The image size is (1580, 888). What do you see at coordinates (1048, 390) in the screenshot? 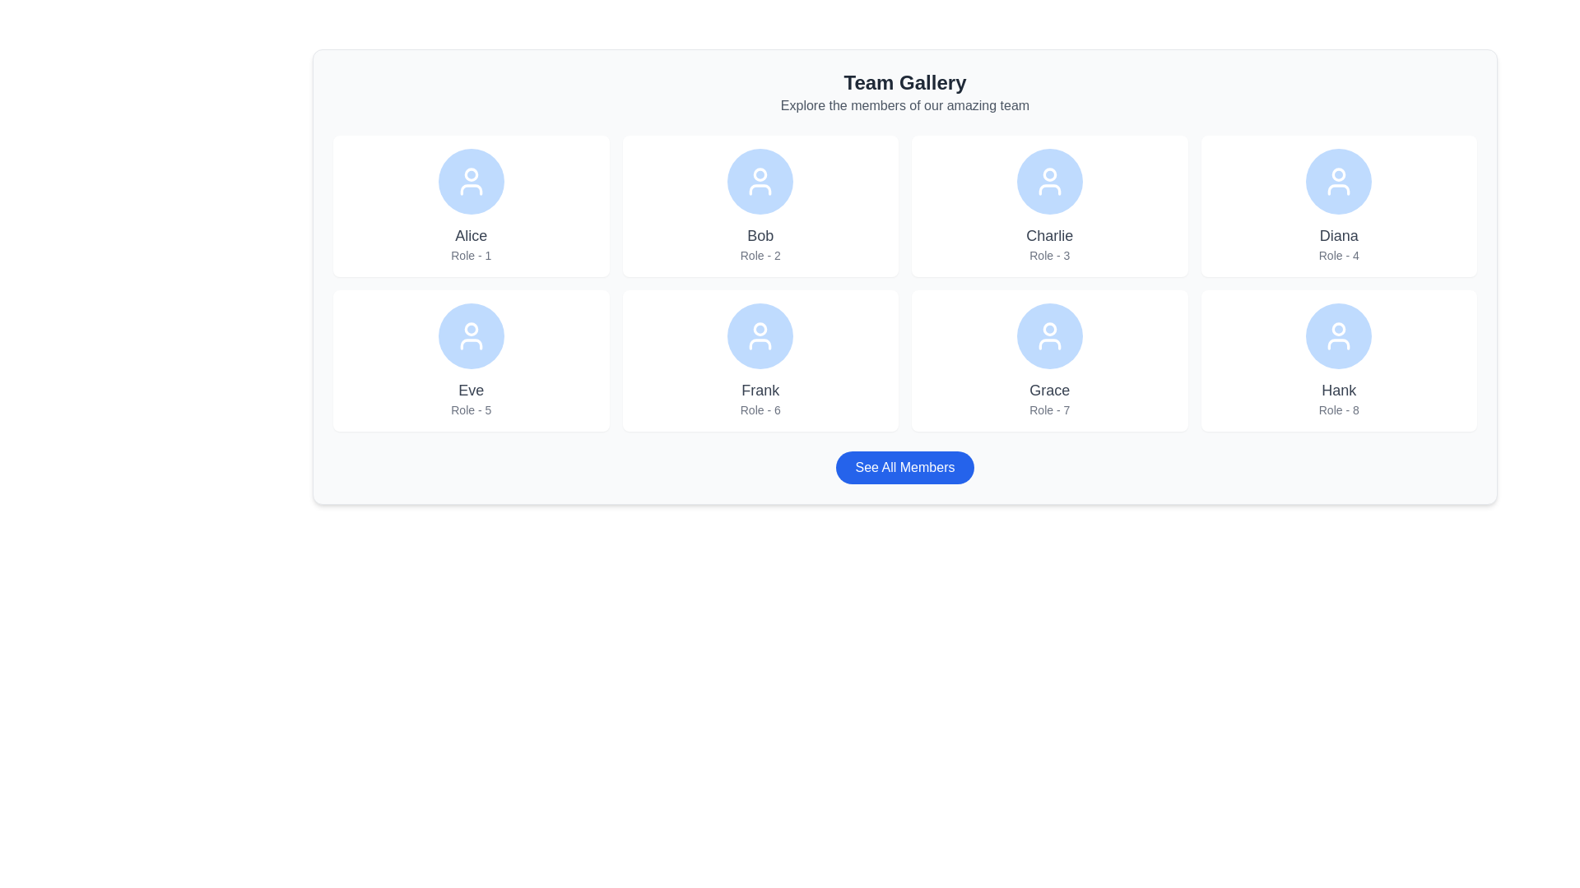
I see `styling of the text element displaying a team member's name, located at the bottom center of the card layout, below the avatar icon and above the description` at bounding box center [1048, 390].